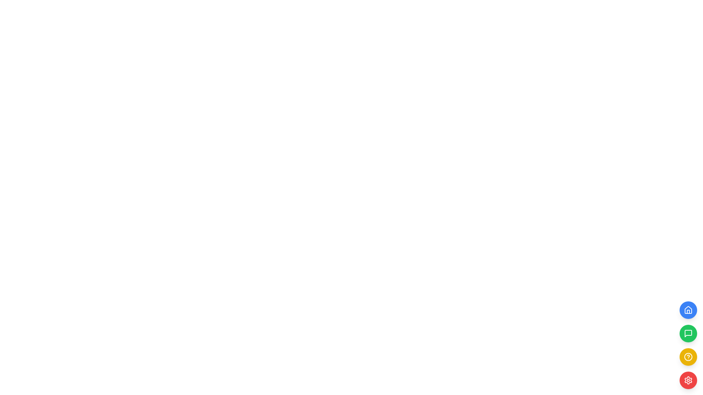 This screenshot has height=395, width=703. What do you see at coordinates (688, 333) in the screenshot?
I see `the green circular button with a white speech bubble icon at the bottom right corner of the interface to initiate a chat` at bounding box center [688, 333].